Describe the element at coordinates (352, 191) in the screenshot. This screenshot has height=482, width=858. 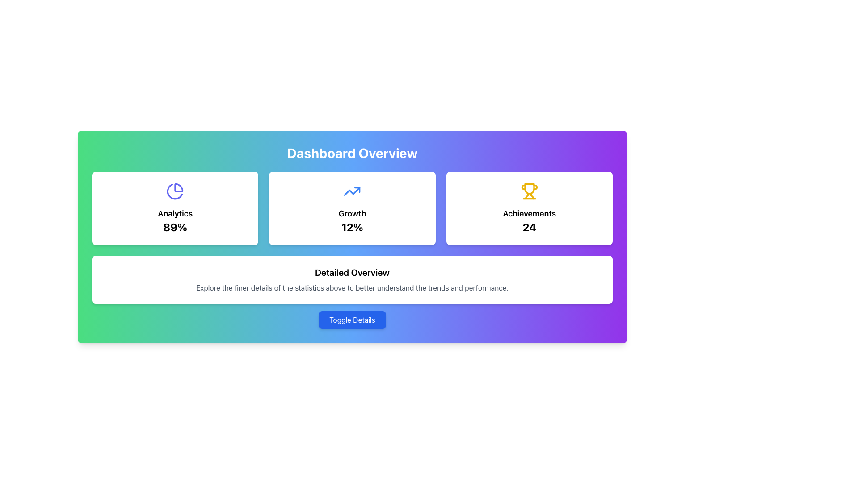
I see `the main graph icon representing growth or progress located under 'Growth 12%' in the center card` at that location.